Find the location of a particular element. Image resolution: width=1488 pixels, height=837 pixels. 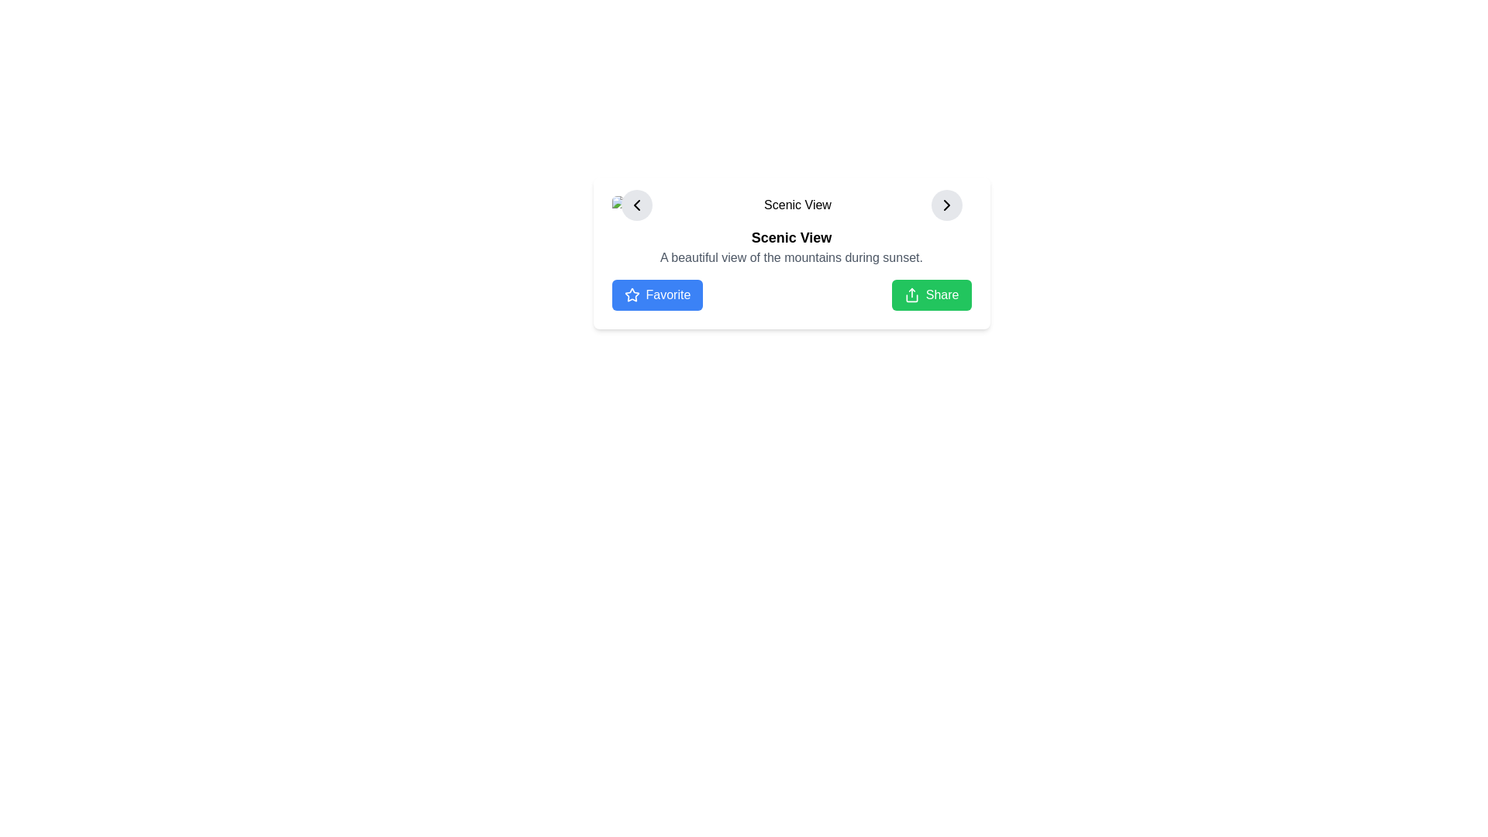

the left navigation button positioned to the left of the image placeholder and the title 'Scenic View' is located at coordinates (636, 205).